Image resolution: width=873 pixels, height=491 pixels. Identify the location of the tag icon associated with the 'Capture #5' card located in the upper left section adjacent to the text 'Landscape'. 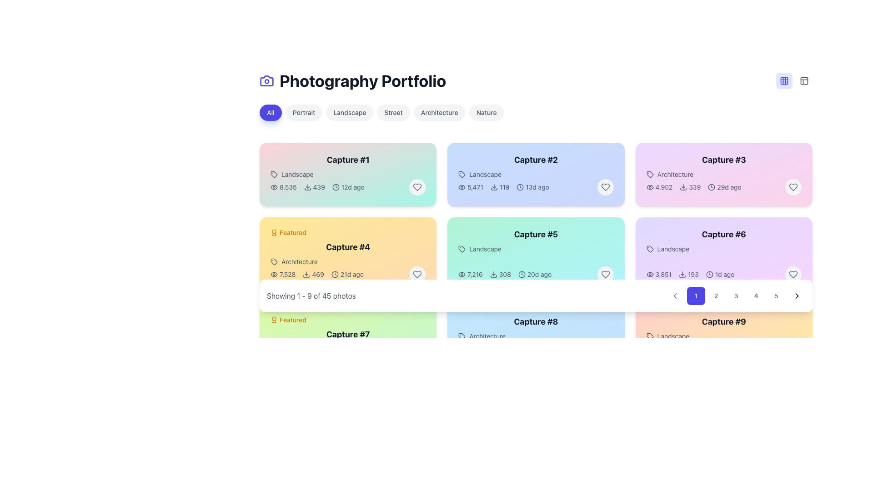
(462, 249).